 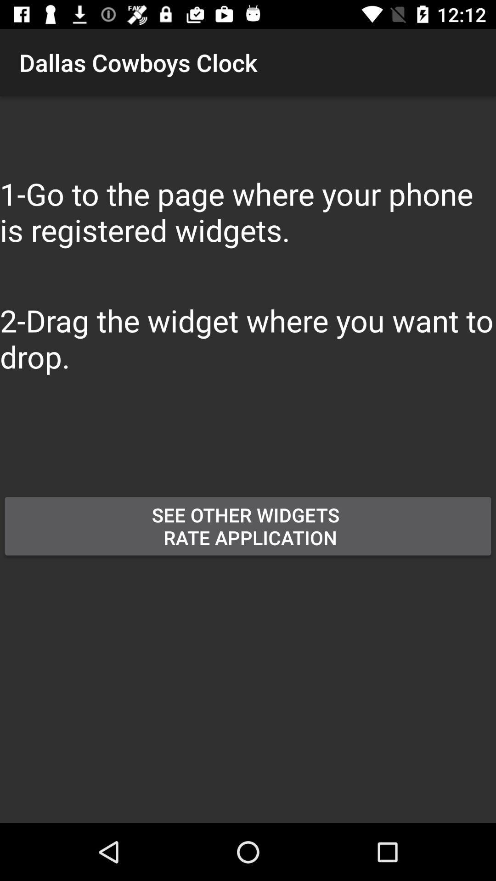 What do you see at coordinates (192, 459) in the screenshot?
I see `button above the see other widgets button` at bounding box center [192, 459].